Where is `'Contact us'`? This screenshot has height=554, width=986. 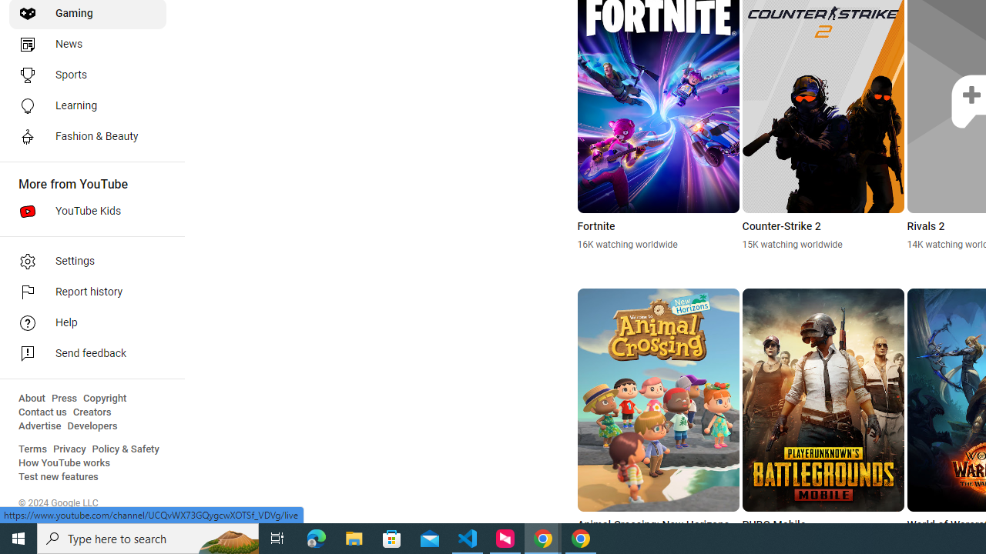 'Contact us' is located at coordinates (42, 412).